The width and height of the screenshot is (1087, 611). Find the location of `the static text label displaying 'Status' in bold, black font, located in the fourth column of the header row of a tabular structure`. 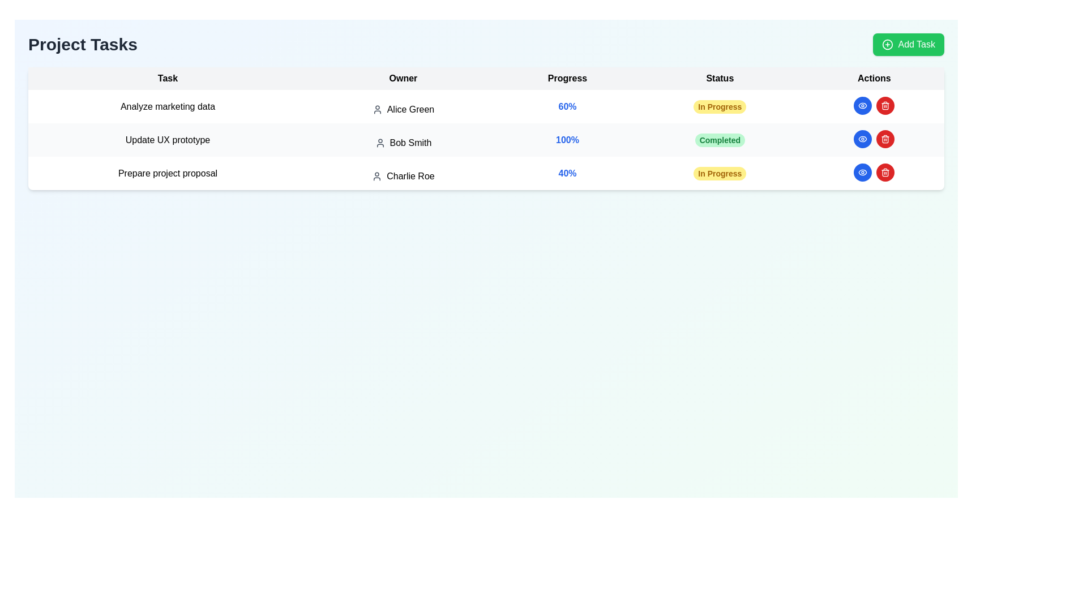

the static text label displaying 'Status' in bold, black font, located in the fourth column of the header row of a tabular structure is located at coordinates (719, 78).